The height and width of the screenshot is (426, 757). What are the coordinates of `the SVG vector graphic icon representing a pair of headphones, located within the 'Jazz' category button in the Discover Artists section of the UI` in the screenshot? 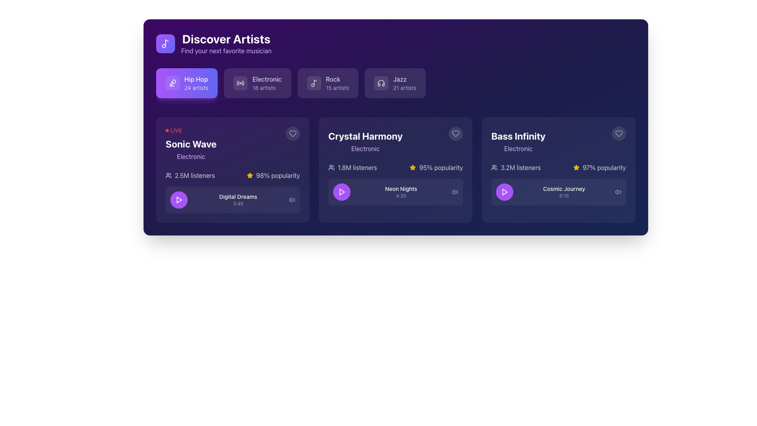 It's located at (381, 83).